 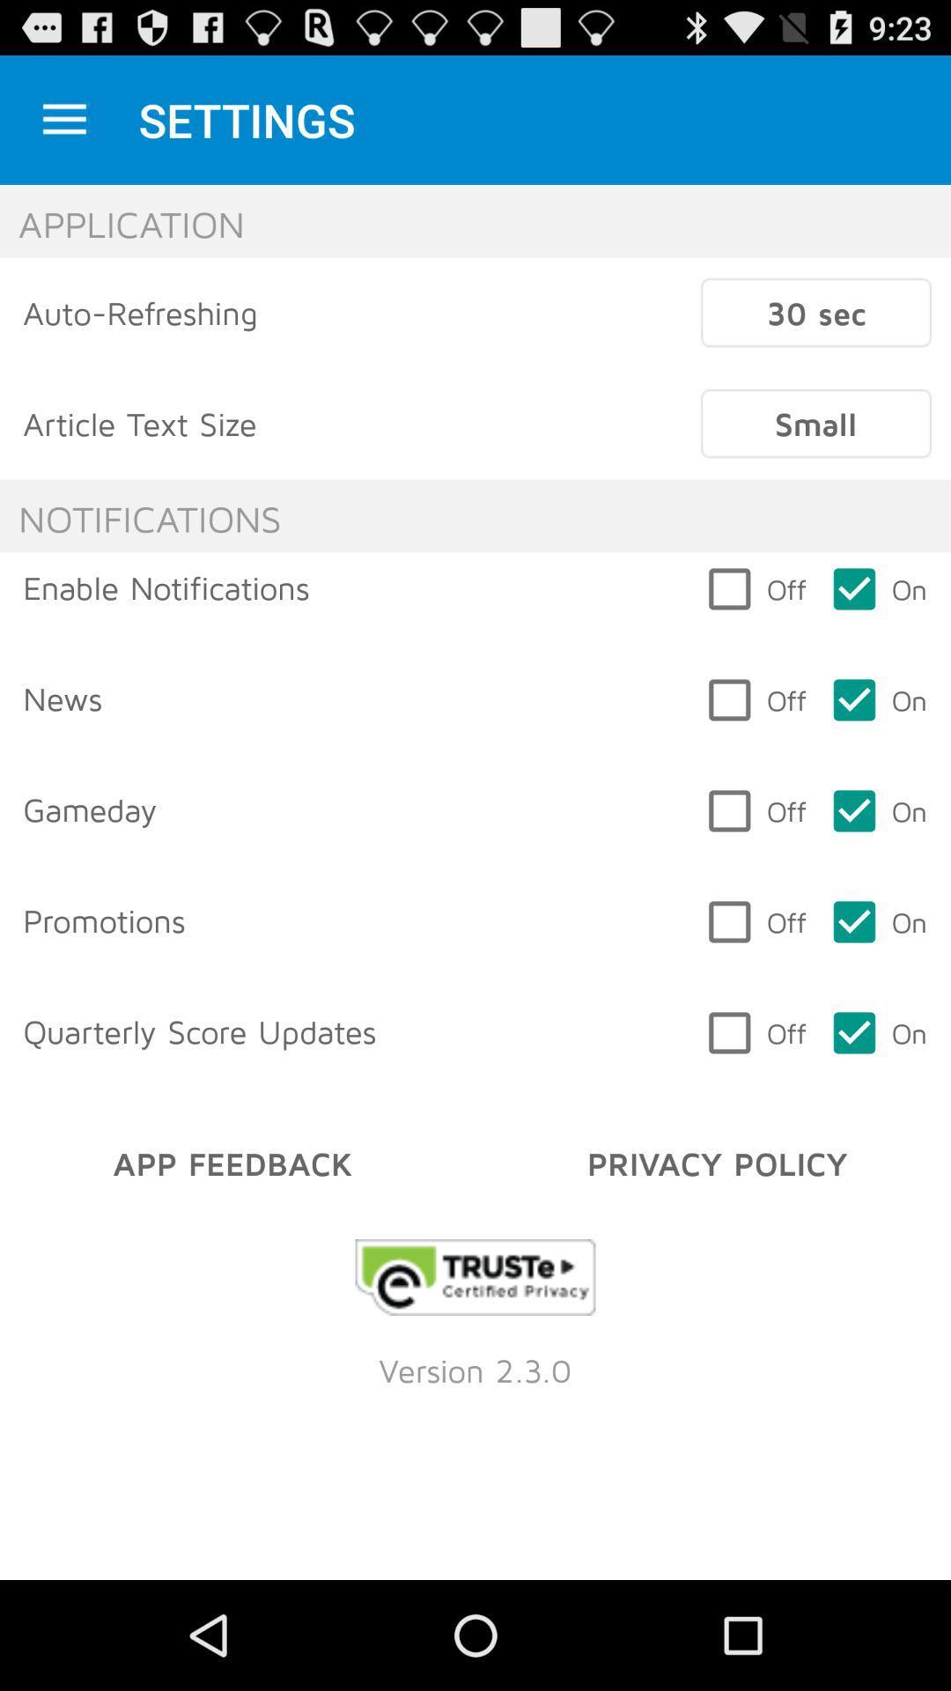 What do you see at coordinates (63, 119) in the screenshot?
I see `item above application` at bounding box center [63, 119].